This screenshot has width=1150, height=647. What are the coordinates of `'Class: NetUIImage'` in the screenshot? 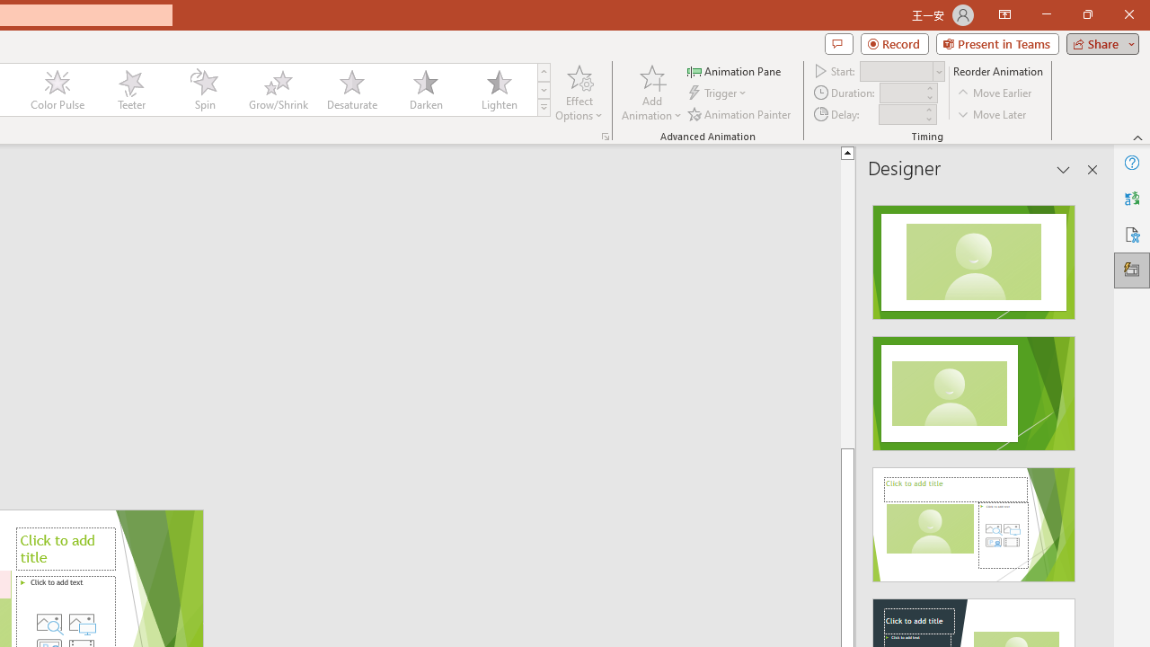 It's located at (544, 107).